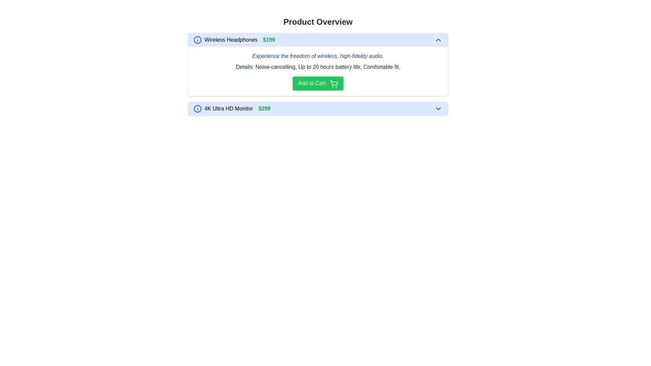 This screenshot has height=366, width=651. What do you see at coordinates (269, 40) in the screenshot?
I see `the text label displaying the price '$199' in bold green font, located in the 'Wireless Headphones' section towards the upper-right corner` at bounding box center [269, 40].